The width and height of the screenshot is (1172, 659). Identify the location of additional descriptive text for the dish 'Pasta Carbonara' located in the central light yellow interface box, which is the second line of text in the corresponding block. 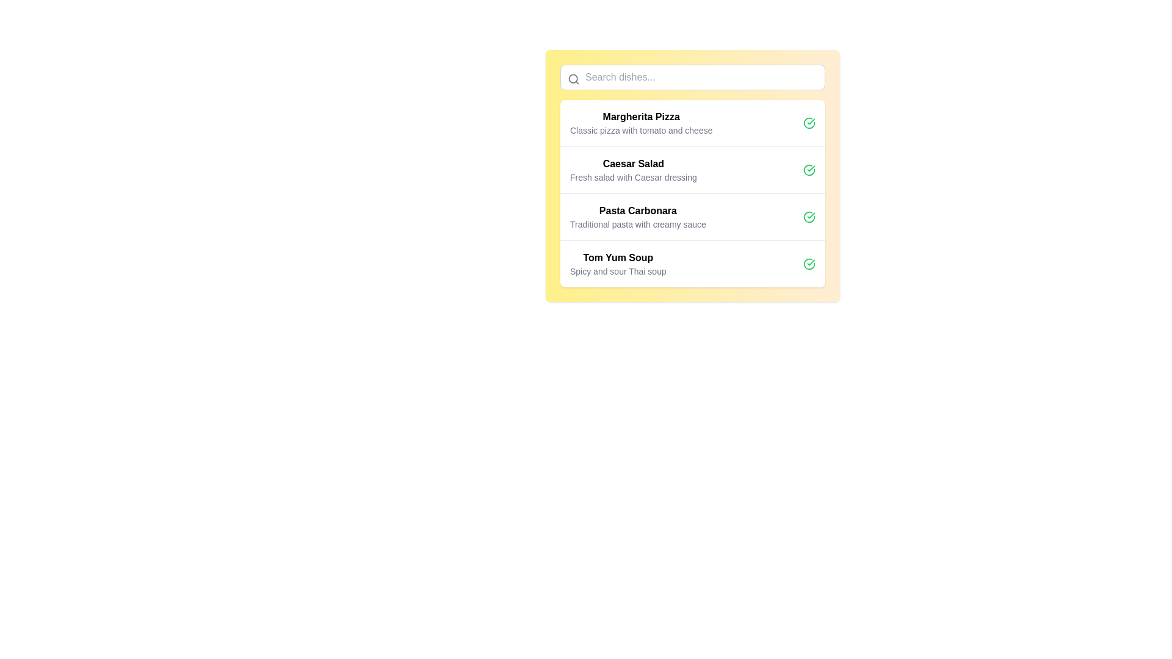
(637, 224).